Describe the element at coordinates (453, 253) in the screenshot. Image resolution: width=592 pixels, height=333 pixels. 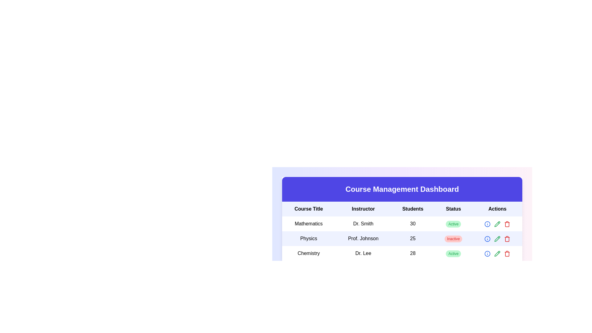
I see `the Status badge in the 'Status' column of the third row in the 'Course Management Dashboard', which indicates the active status of the corresponding course` at that location.